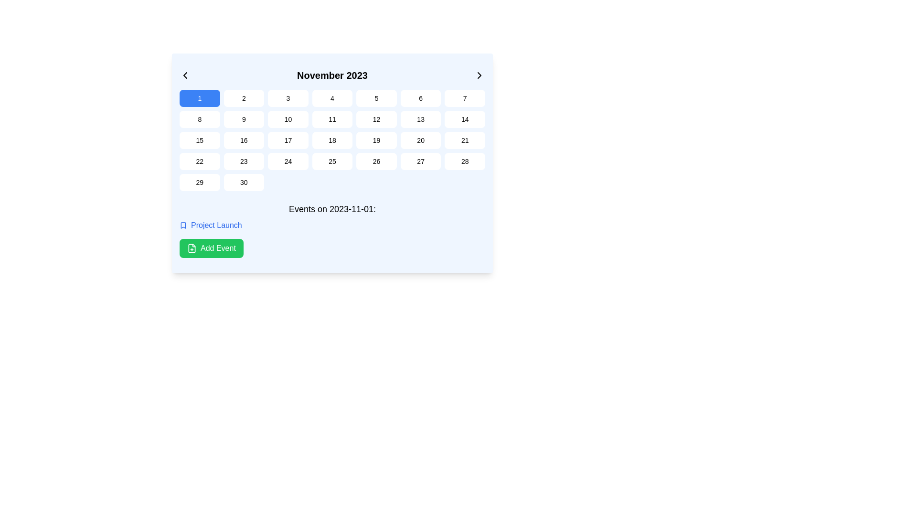  I want to click on the button representing the 14th day of November 2023 in the calendar, so click(465, 119).